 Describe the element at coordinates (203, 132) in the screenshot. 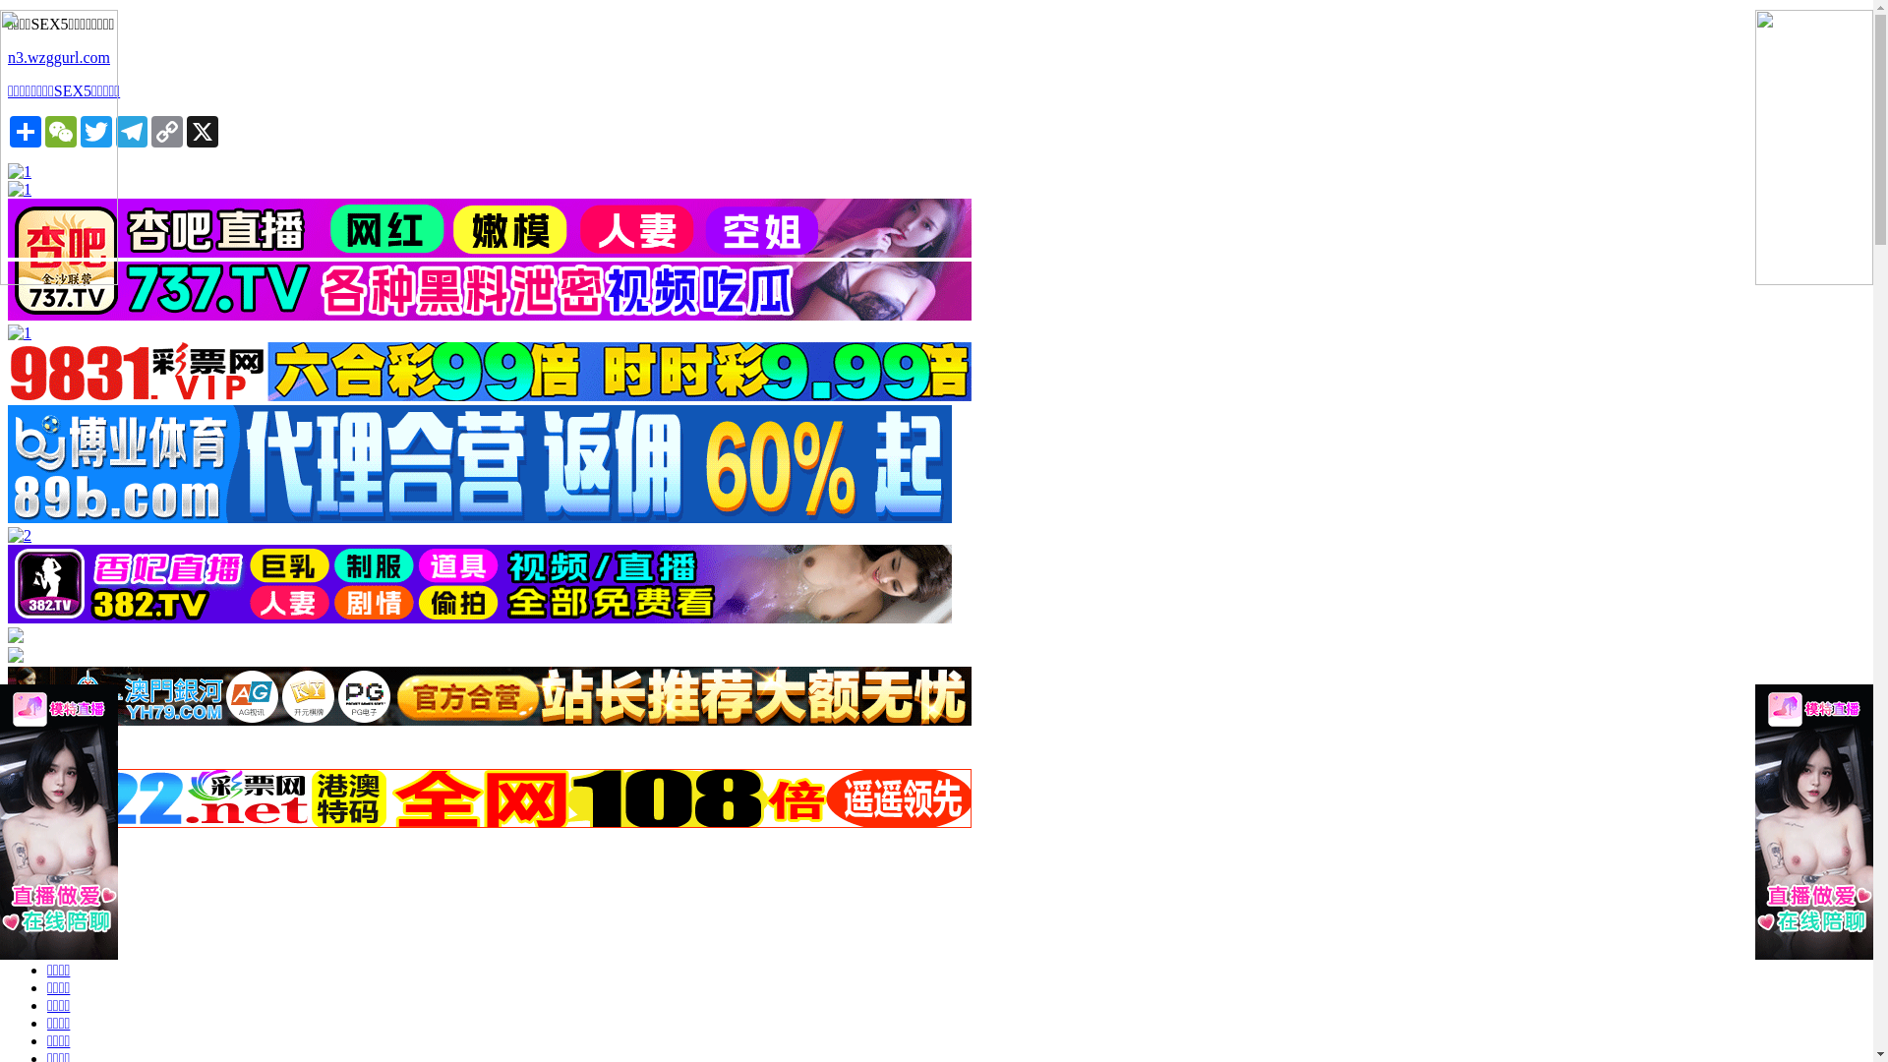

I see `'X'` at that location.